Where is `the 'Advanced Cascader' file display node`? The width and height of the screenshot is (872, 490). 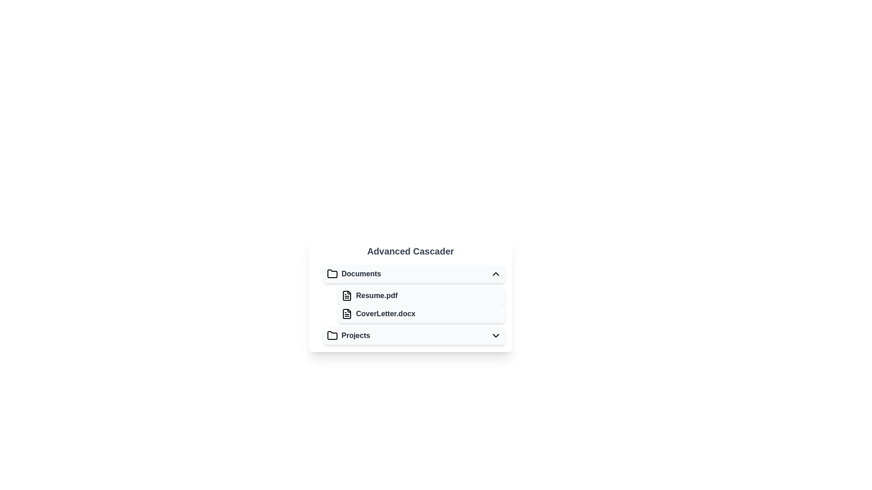 the 'Advanced Cascader' file display node is located at coordinates (410, 295).